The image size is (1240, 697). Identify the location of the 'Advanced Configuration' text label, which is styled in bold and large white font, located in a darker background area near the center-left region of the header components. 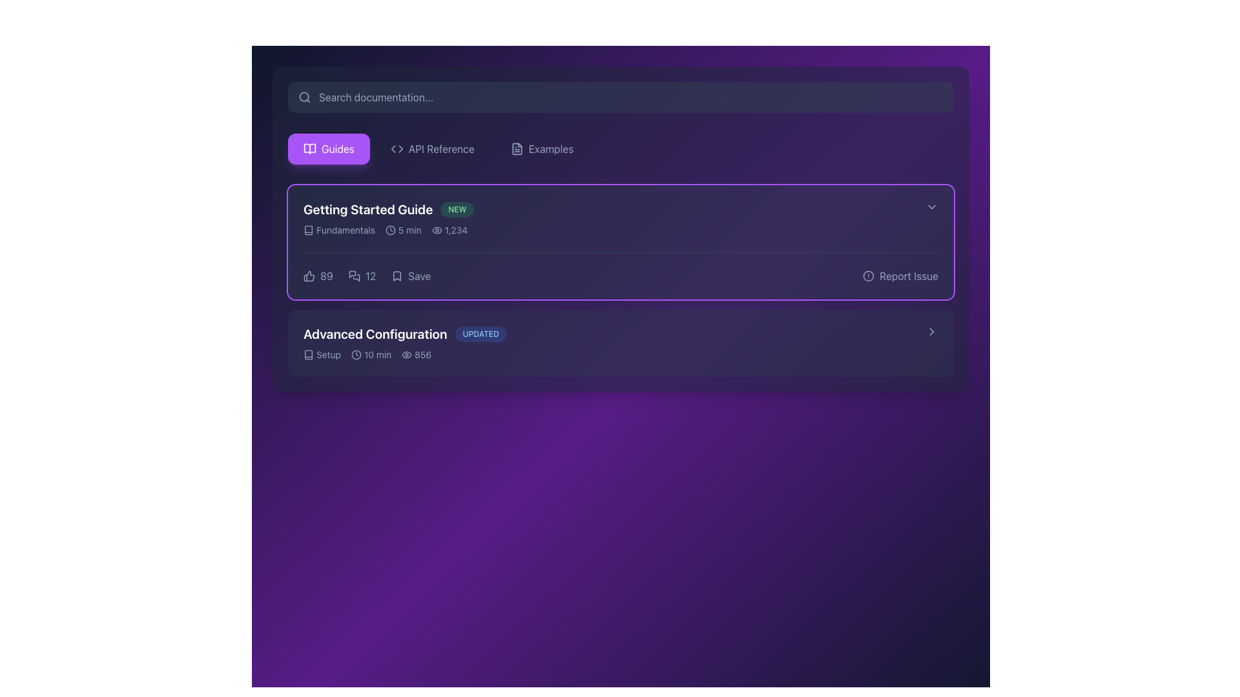
(374, 333).